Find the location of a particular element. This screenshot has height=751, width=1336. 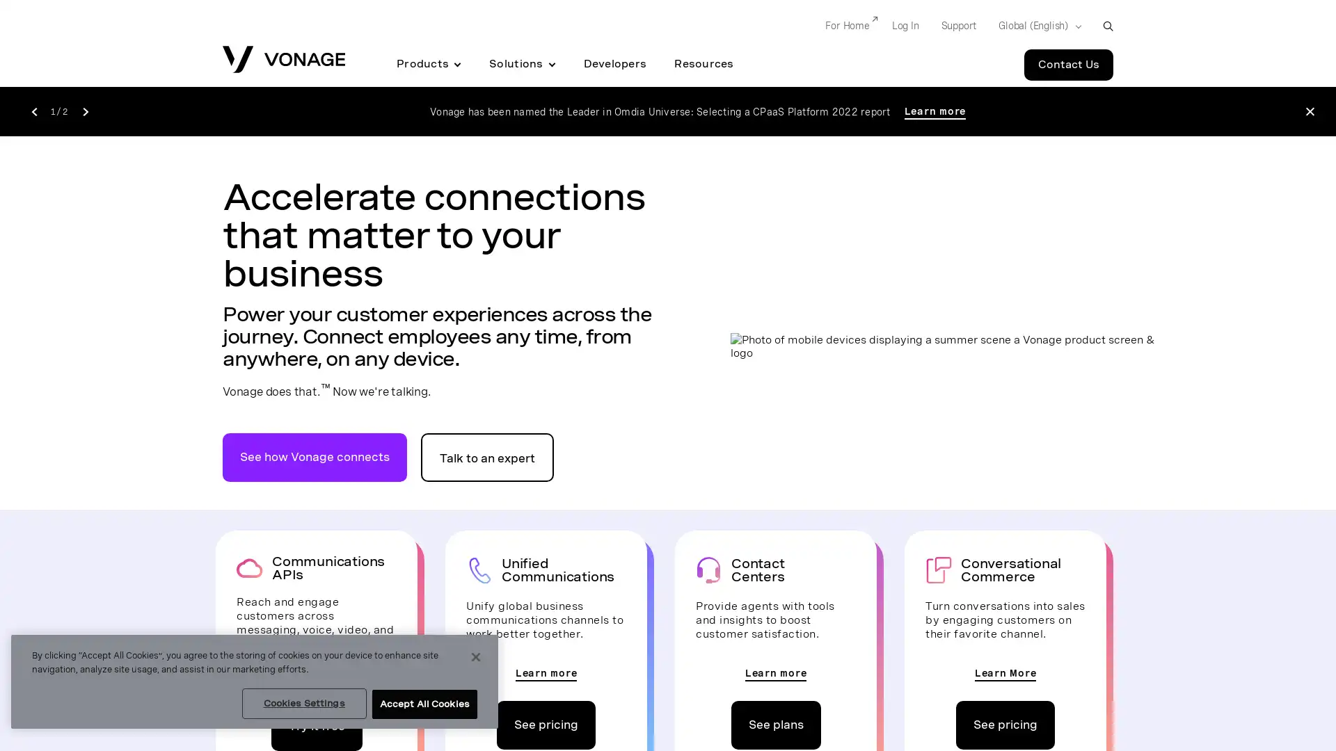

open site search box is located at coordinates (1107, 26).